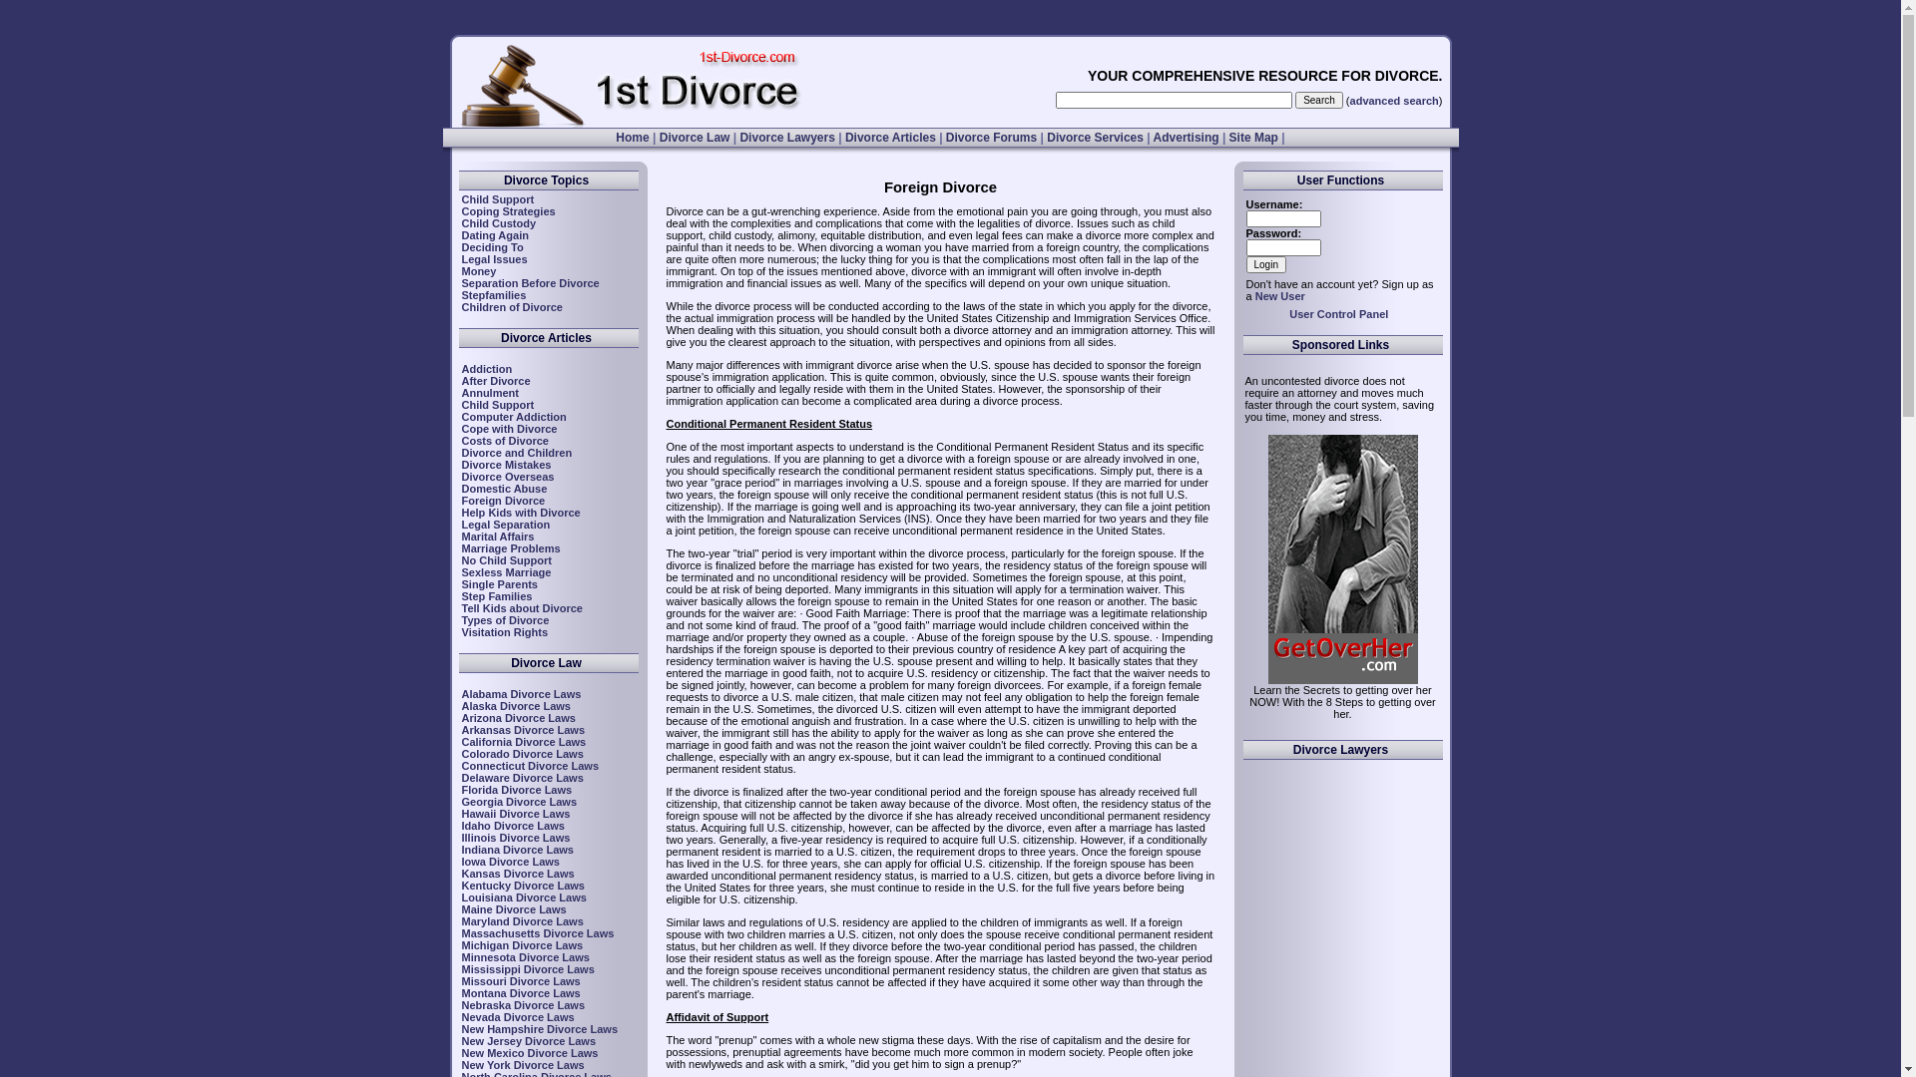 The width and height of the screenshot is (1916, 1077). What do you see at coordinates (528, 1040) in the screenshot?
I see `'New Jersey Divorce Laws'` at bounding box center [528, 1040].